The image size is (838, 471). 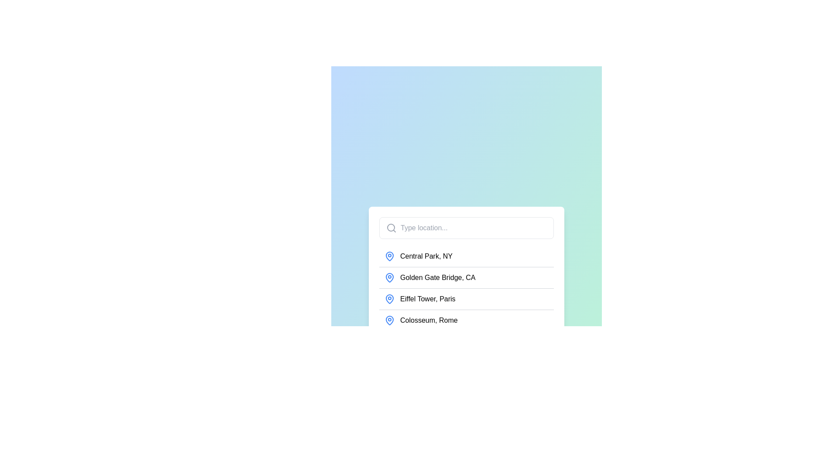 I want to click on the list item displaying 'Golden Gate Bridge, CA', so click(x=466, y=277).